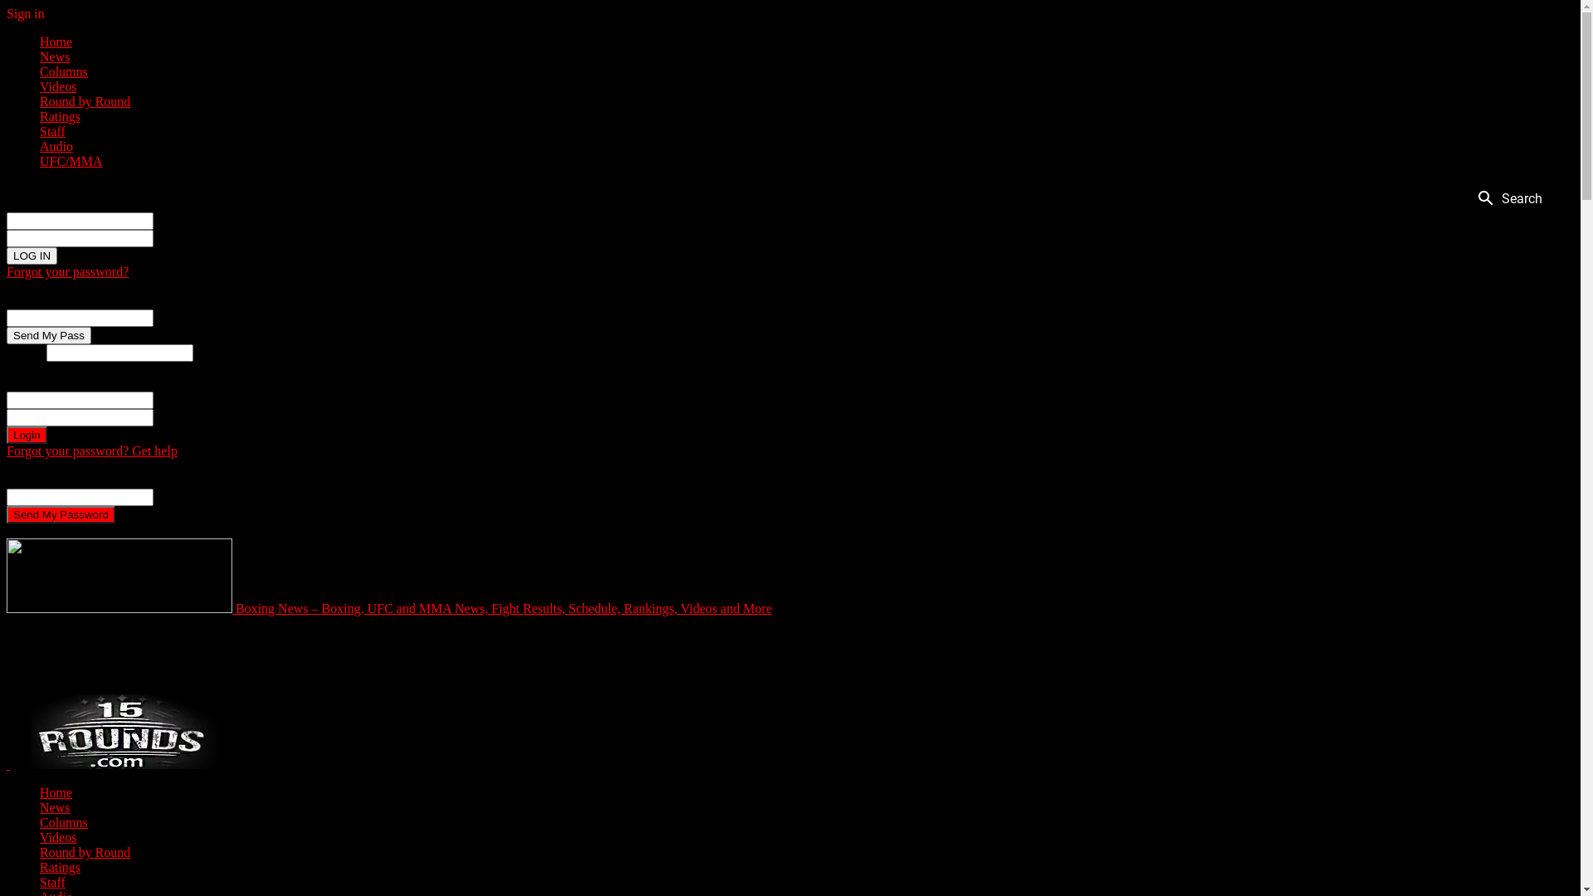  I want to click on 'Advertisement', so click(385, 652).